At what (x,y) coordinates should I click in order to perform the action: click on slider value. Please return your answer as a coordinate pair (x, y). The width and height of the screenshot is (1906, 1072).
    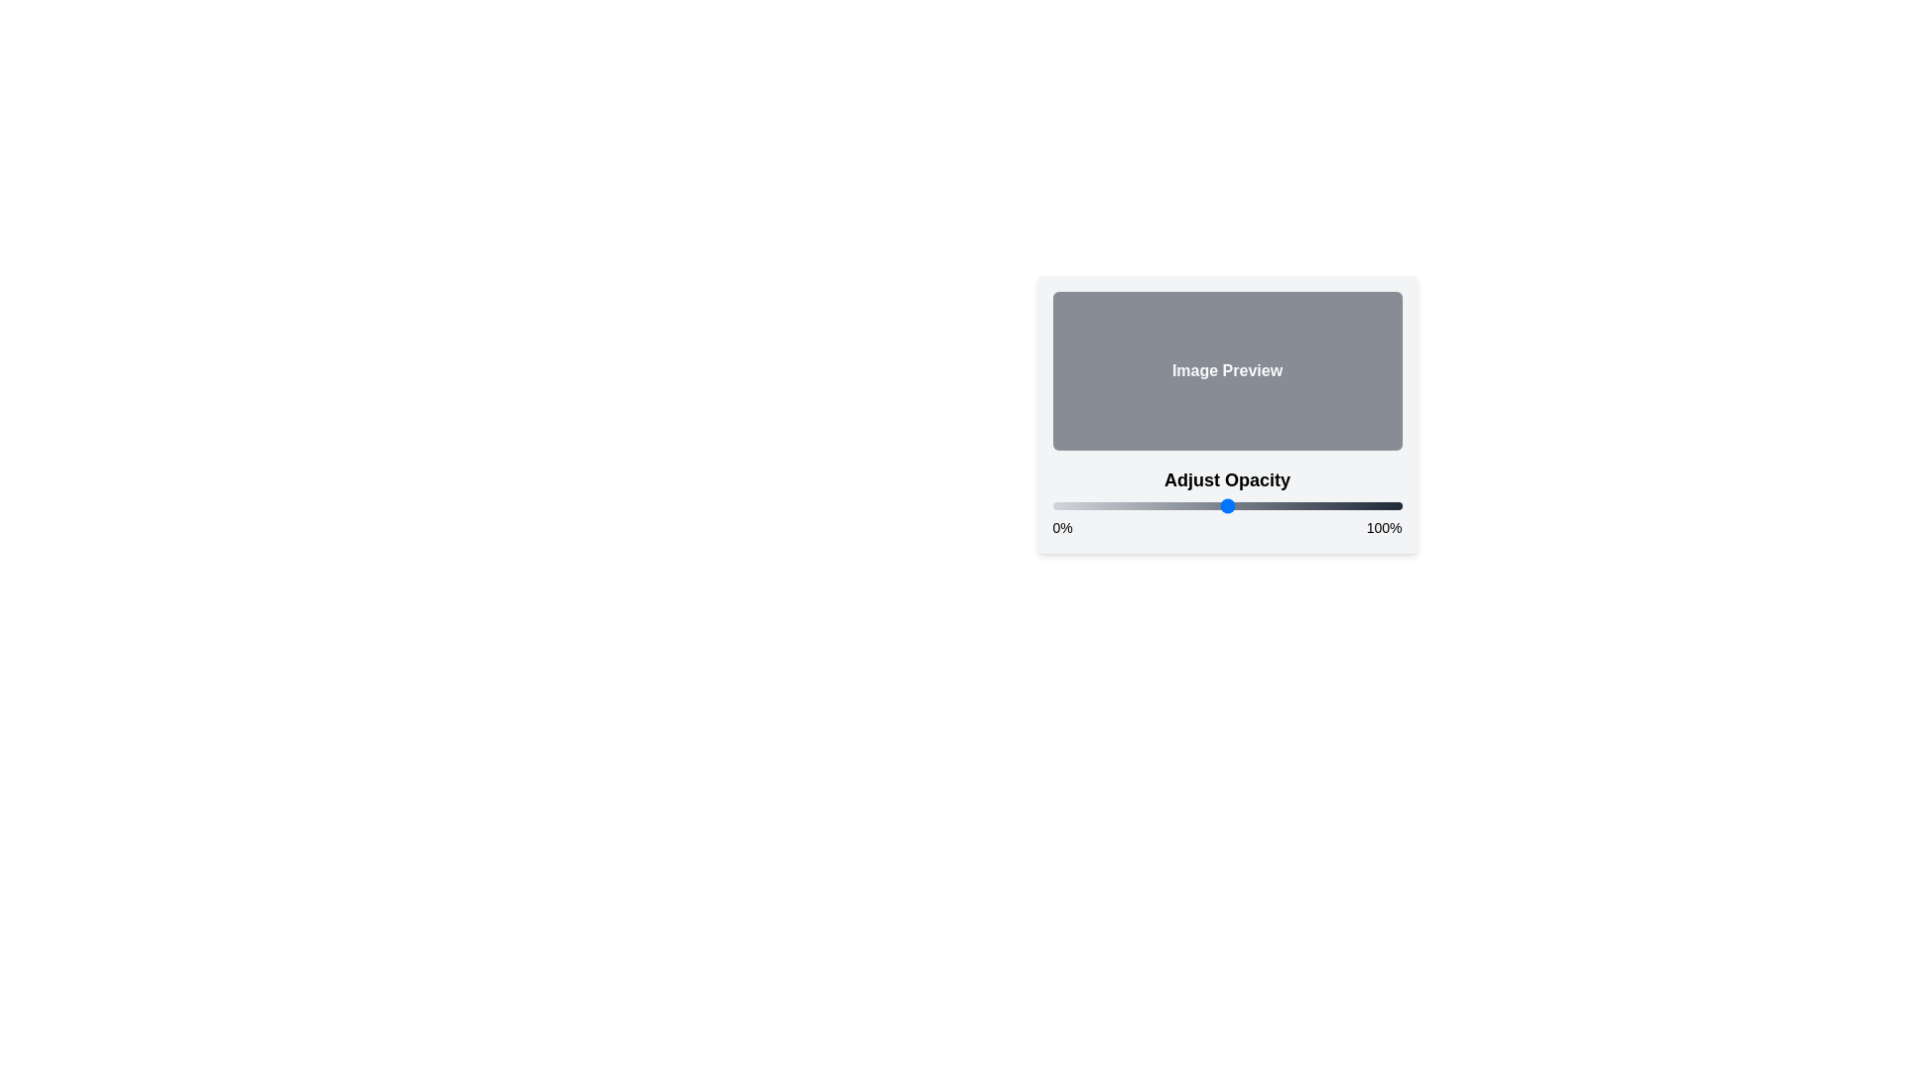
    Looking at the image, I should click on (1240, 504).